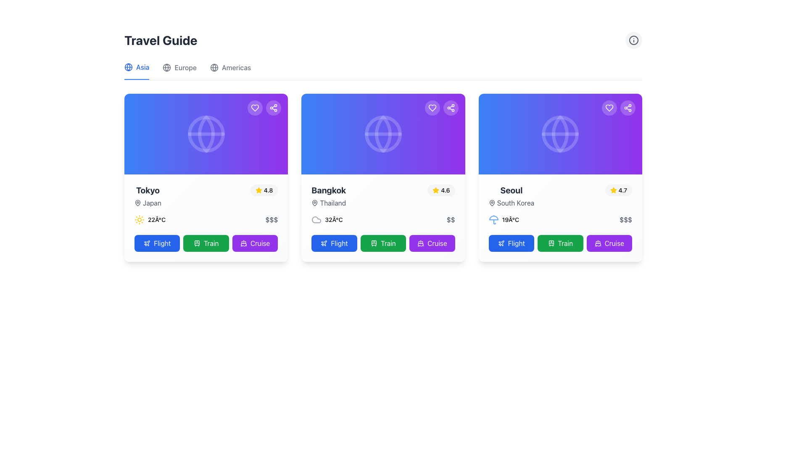  What do you see at coordinates (206, 134) in the screenshot?
I see `the thin oval-like graphical decorative element in the center of the 'Tokyo' card, which is part of a globe-like icon group` at bounding box center [206, 134].